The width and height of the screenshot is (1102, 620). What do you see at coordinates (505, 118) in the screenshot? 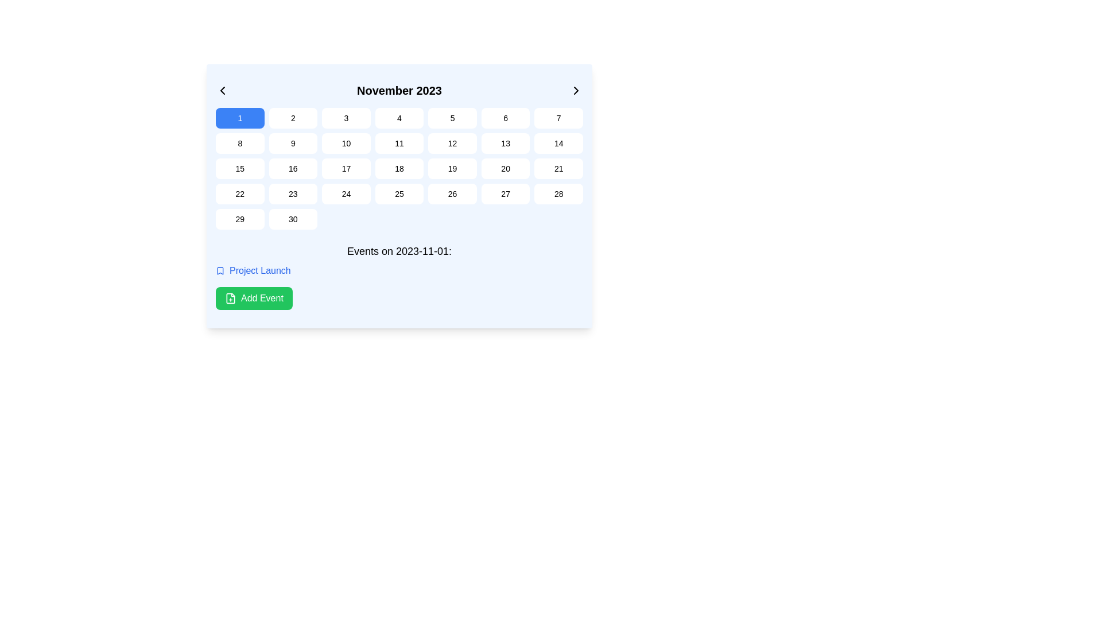
I see `the button representing the sixth day of the month in the calendar interface` at bounding box center [505, 118].